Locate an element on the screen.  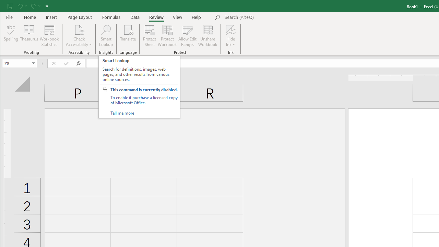
'Help' is located at coordinates (196, 17).